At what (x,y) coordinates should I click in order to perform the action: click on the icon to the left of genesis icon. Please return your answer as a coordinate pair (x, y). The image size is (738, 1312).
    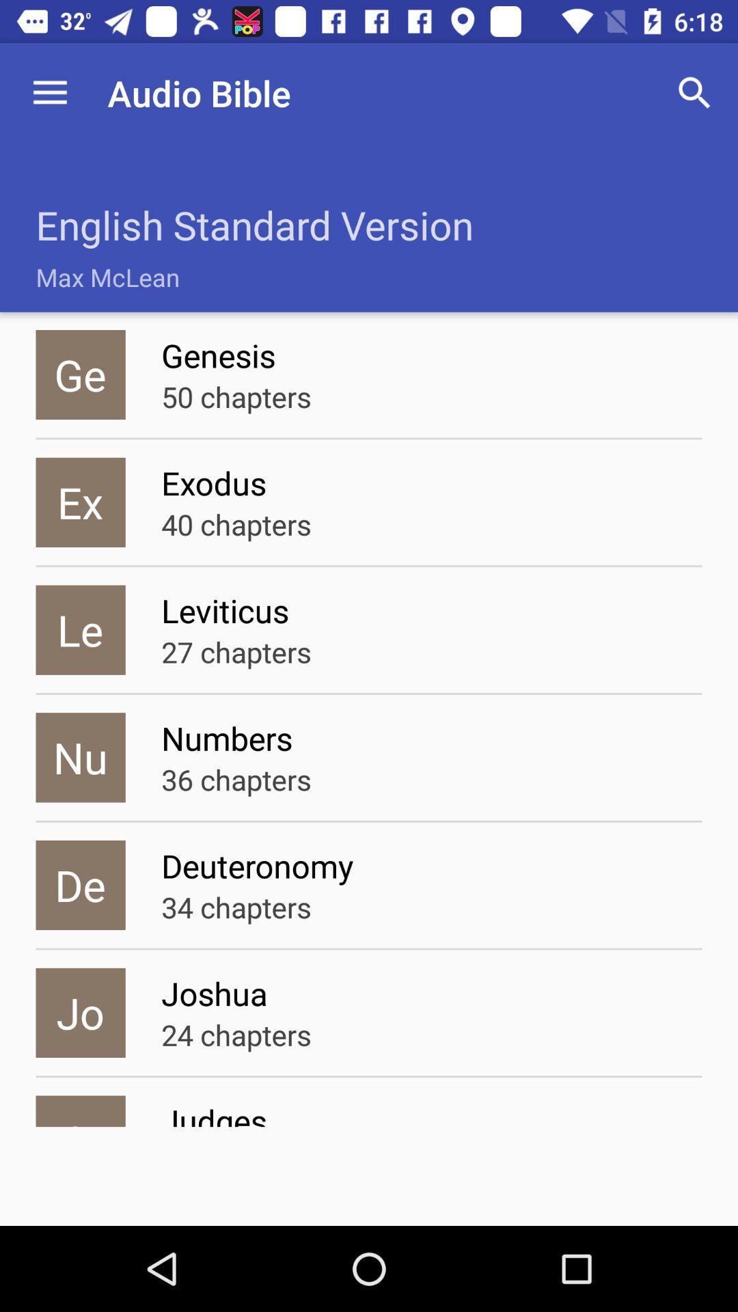
    Looking at the image, I should click on (81, 374).